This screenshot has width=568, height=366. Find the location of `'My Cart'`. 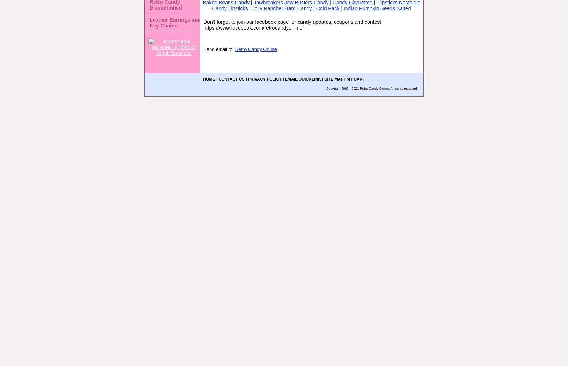

'My Cart' is located at coordinates (346, 79).